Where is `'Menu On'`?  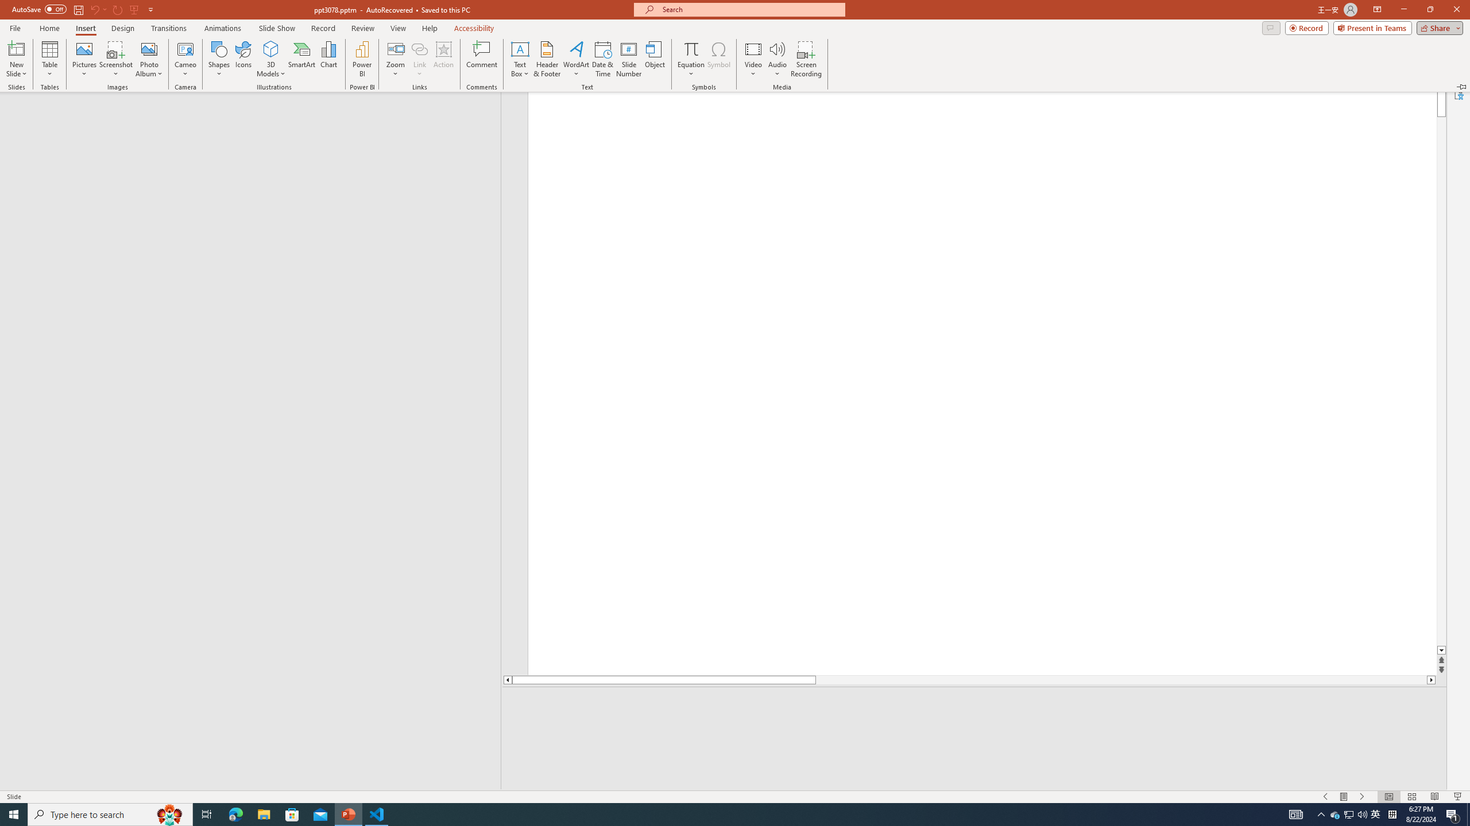 'Menu On' is located at coordinates (1344, 797).